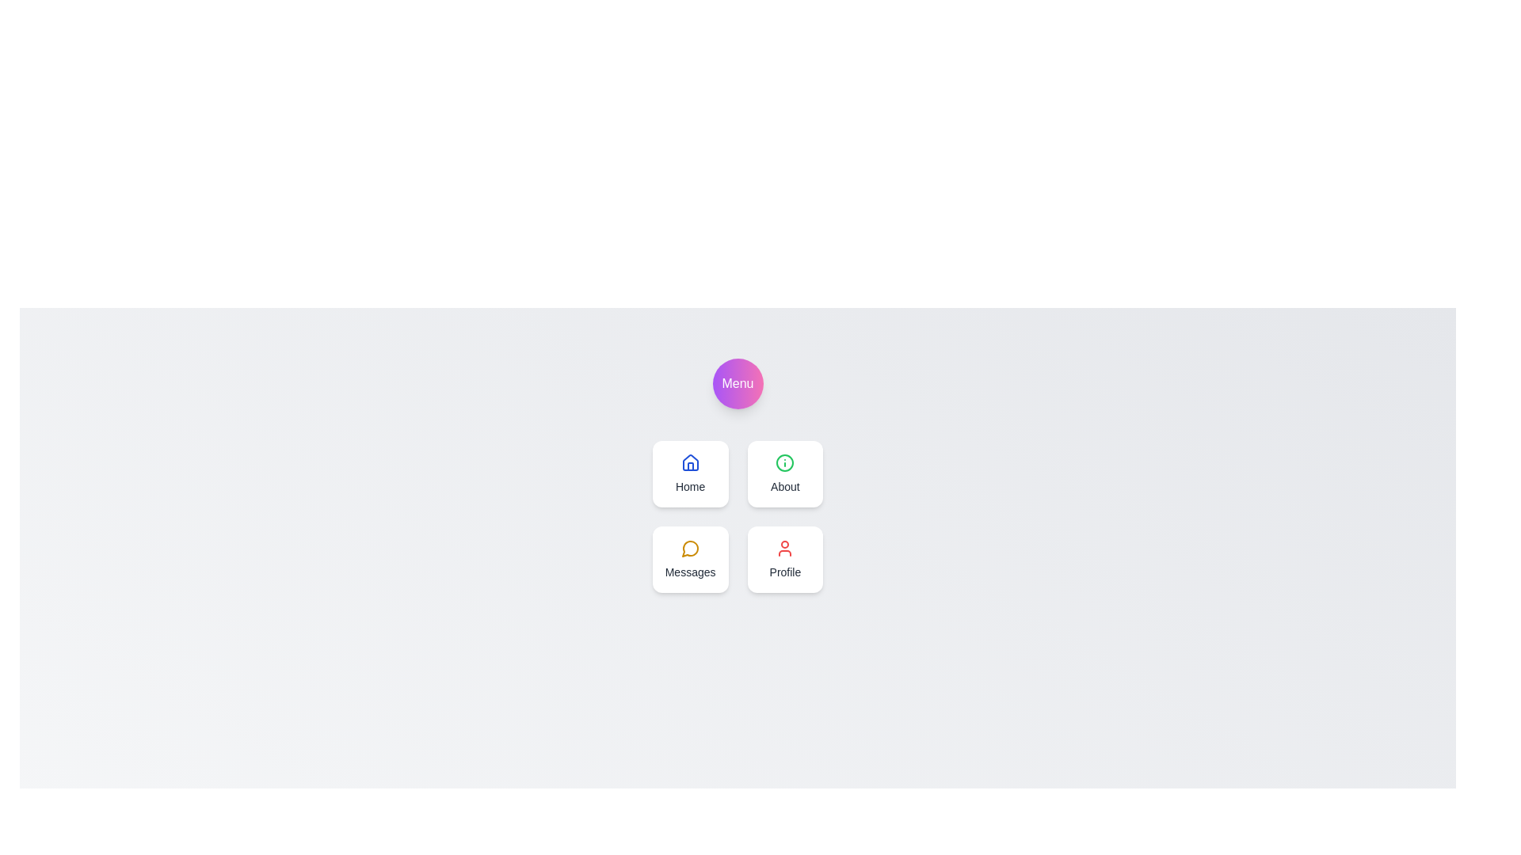  What do you see at coordinates (690, 558) in the screenshot?
I see `the Messages navigation item` at bounding box center [690, 558].